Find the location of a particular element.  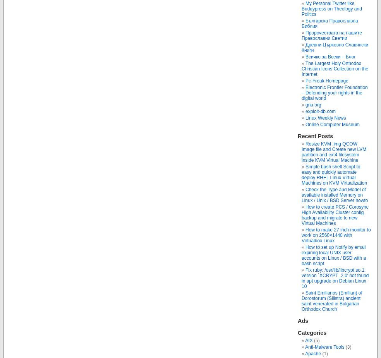

'Categories' is located at coordinates (297, 332).